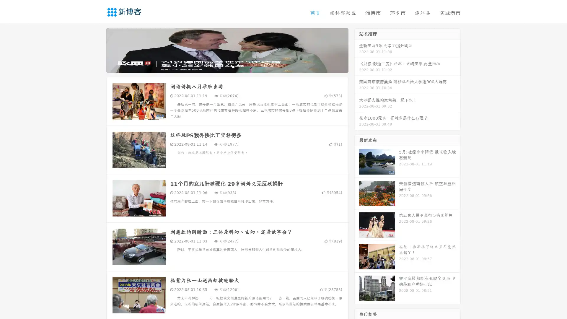  I want to click on Previous slide, so click(97, 50).